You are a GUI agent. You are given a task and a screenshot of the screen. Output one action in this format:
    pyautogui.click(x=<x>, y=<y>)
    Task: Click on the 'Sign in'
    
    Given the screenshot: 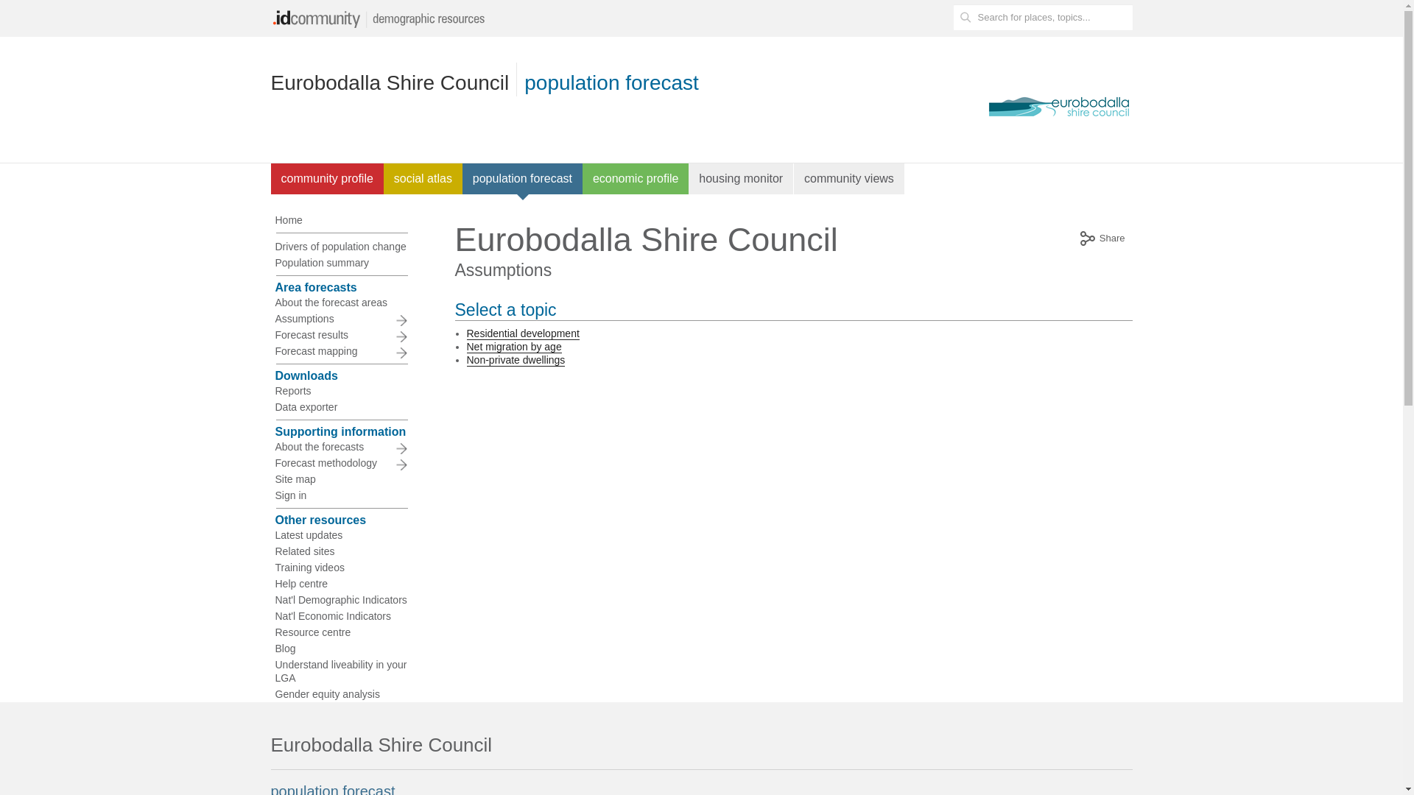 What is the action you would take?
    pyautogui.click(x=340, y=495)
    